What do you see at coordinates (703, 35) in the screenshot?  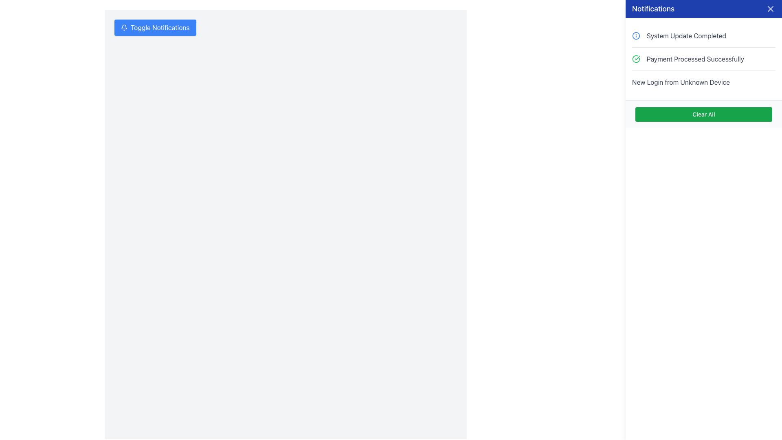 I see `the first notification item in the sidebar that displays the message 'System Update Completed' with an information icon` at bounding box center [703, 35].